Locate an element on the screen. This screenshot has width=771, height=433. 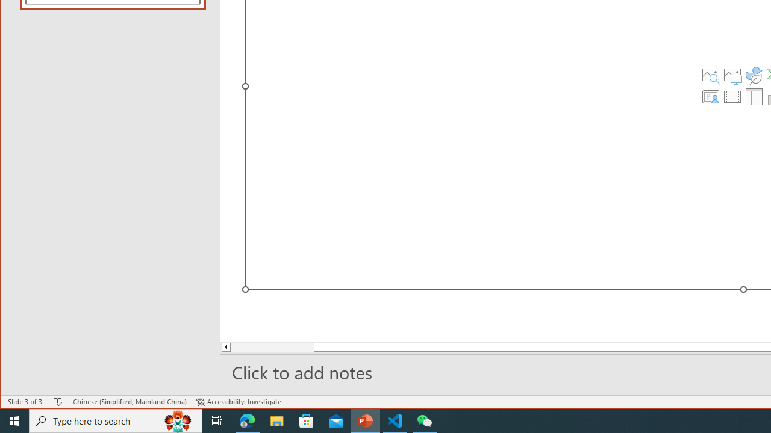
'File Explorer' is located at coordinates (276, 420).